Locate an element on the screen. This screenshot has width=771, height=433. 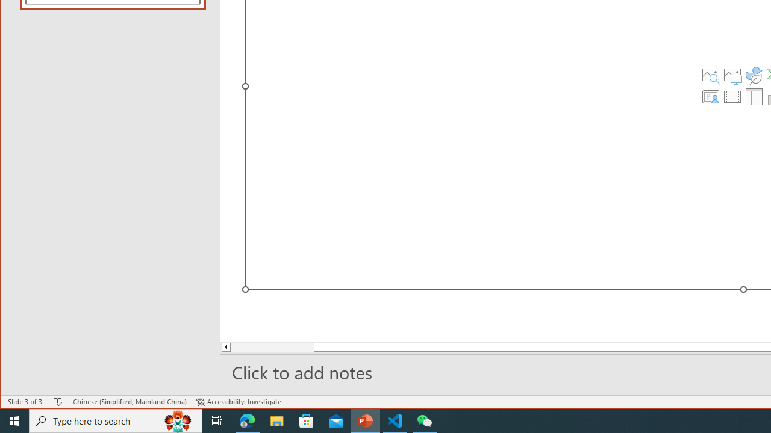
'File Explorer' is located at coordinates (276, 420).